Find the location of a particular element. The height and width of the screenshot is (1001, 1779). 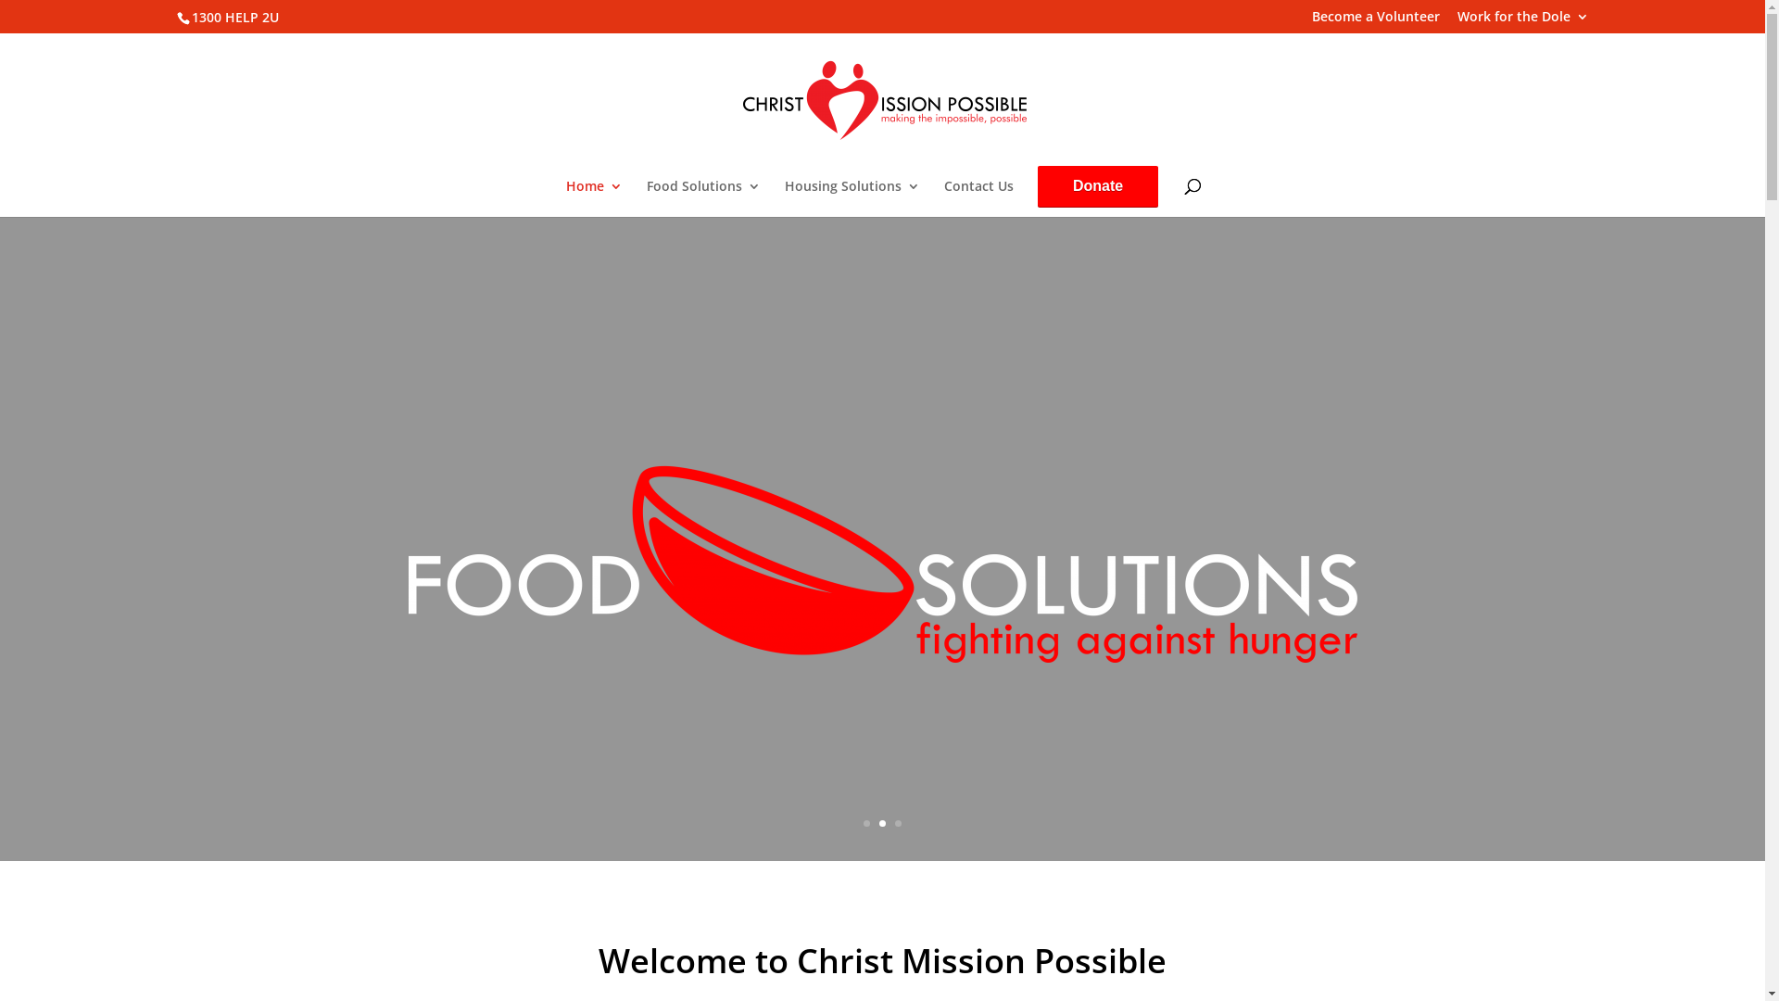

'Home' is located at coordinates (594, 197).